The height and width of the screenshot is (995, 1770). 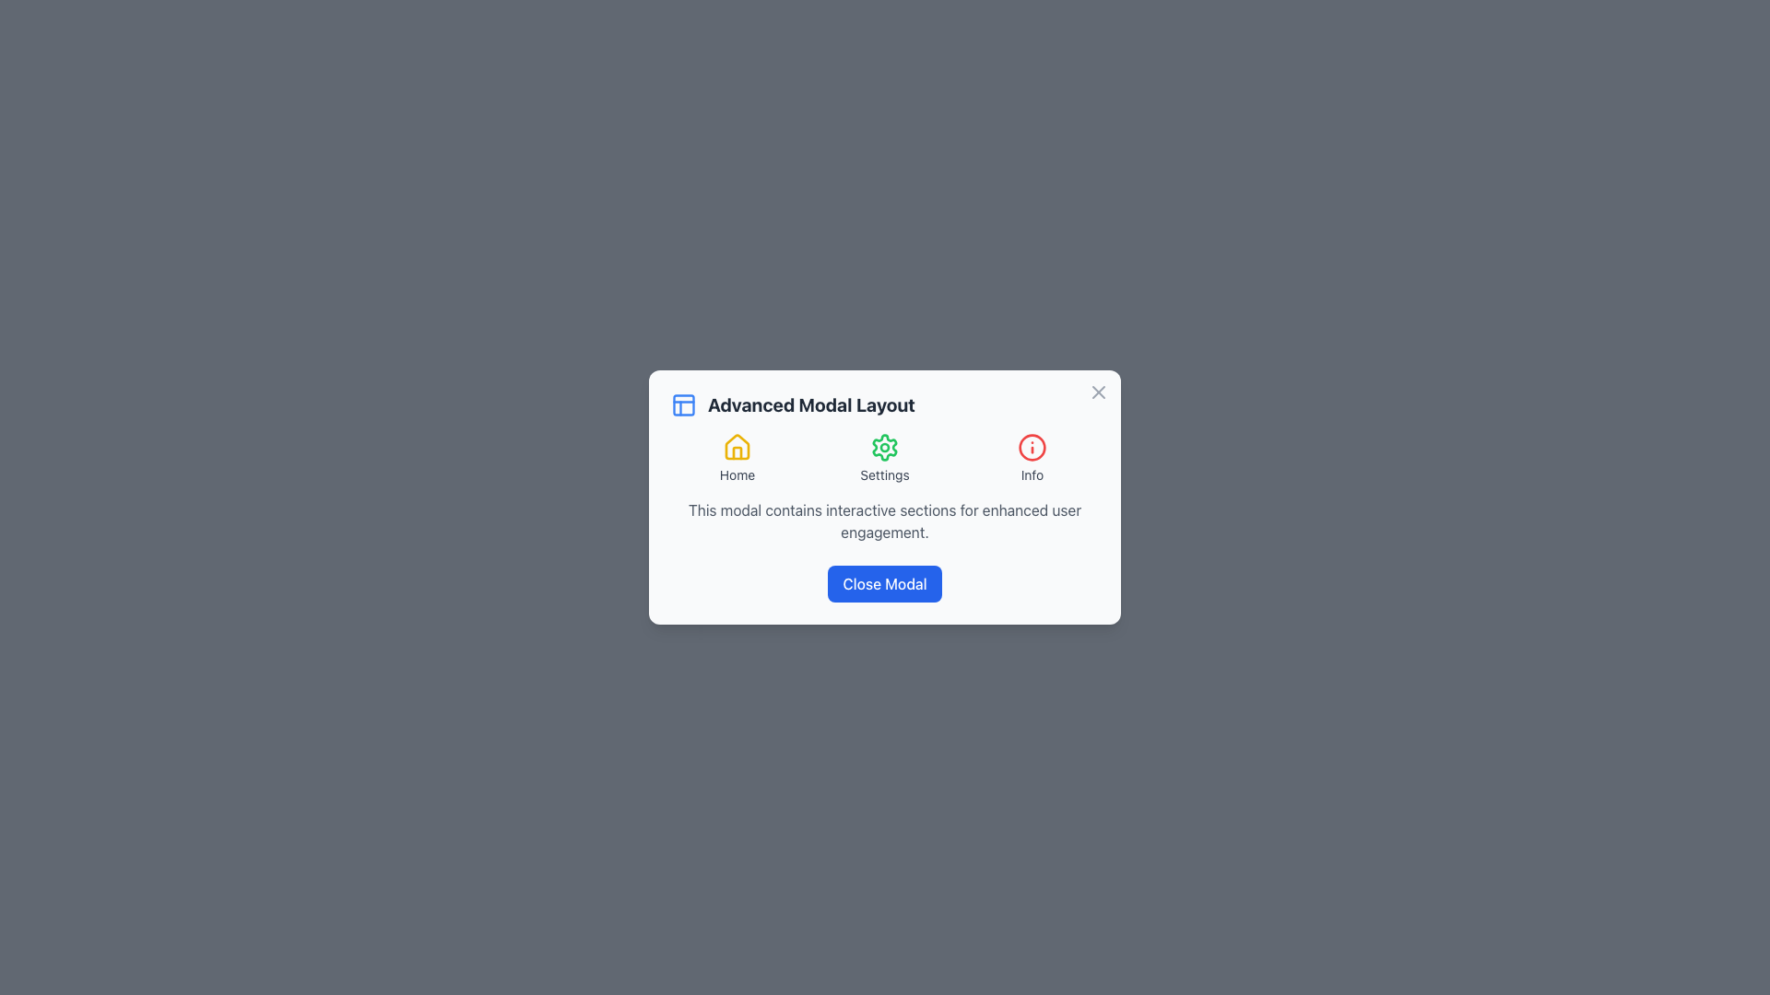 I want to click on the 'Home' icon with a yellow outline and gray text label, which is the first item in the menu grid, so click(x=737, y=457).